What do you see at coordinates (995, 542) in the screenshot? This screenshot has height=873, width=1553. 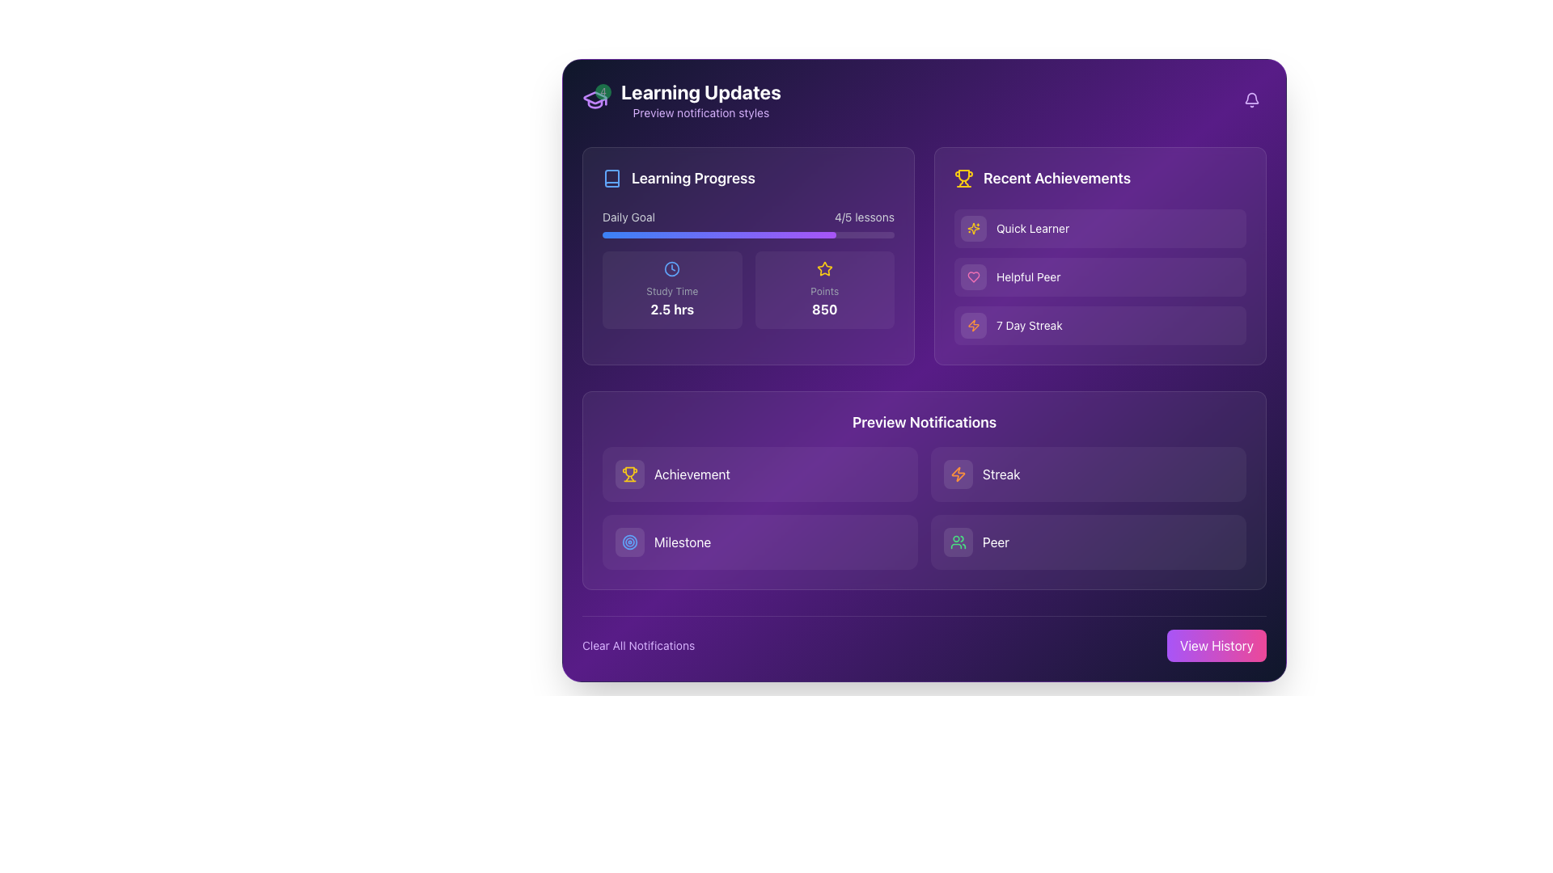 I see `the text label displaying 'peer' in white color, located in the lower-right portion of the 'Preview Notifications' section with a dark purple background` at bounding box center [995, 542].